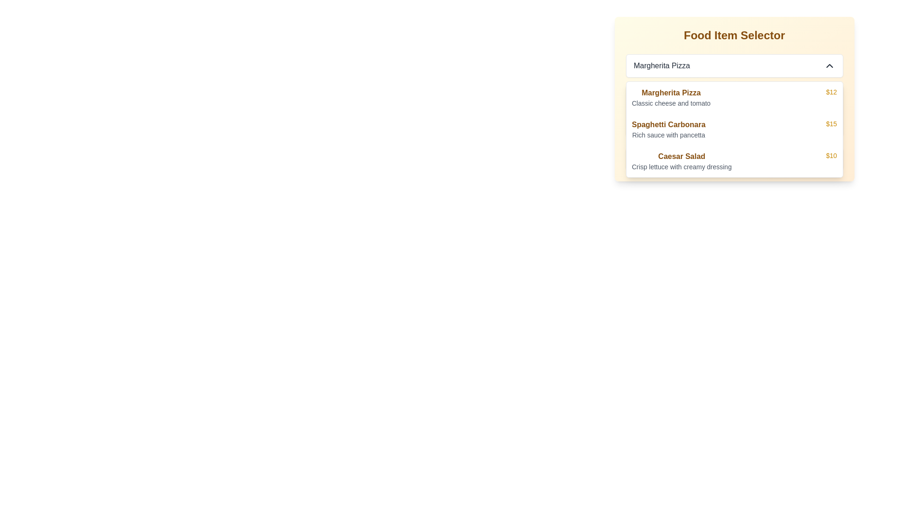 The width and height of the screenshot is (899, 505). Describe the element at coordinates (671, 103) in the screenshot. I see `descriptive text of the Text Label that reads 'Classic cheese and tomato.' located beneath 'Margherita Pizza' in the 'Food Item Selector' dropdown` at that location.